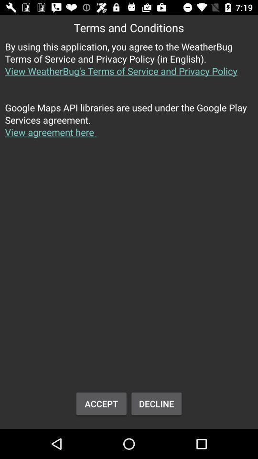  I want to click on the item below the google maps api icon, so click(101, 403).